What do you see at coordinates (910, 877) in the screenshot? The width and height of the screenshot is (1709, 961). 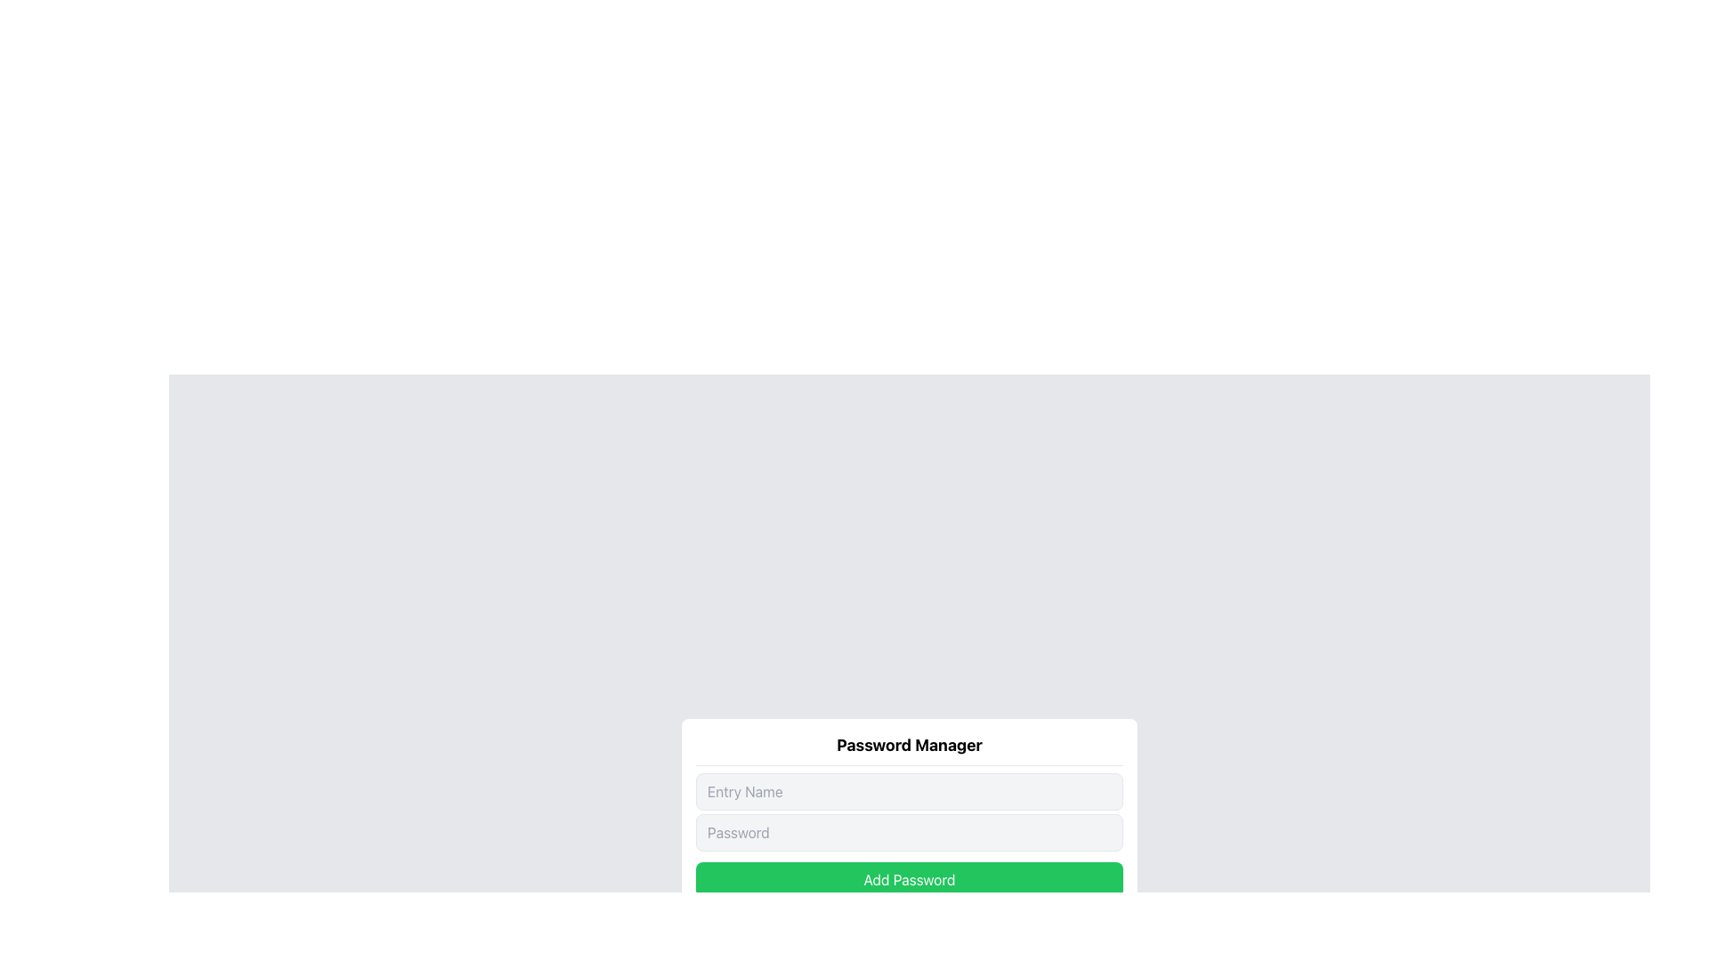 I see `the green button labeled 'Add Password' which is prominently displayed below the input fields in the form` at bounding box center [910, 877].